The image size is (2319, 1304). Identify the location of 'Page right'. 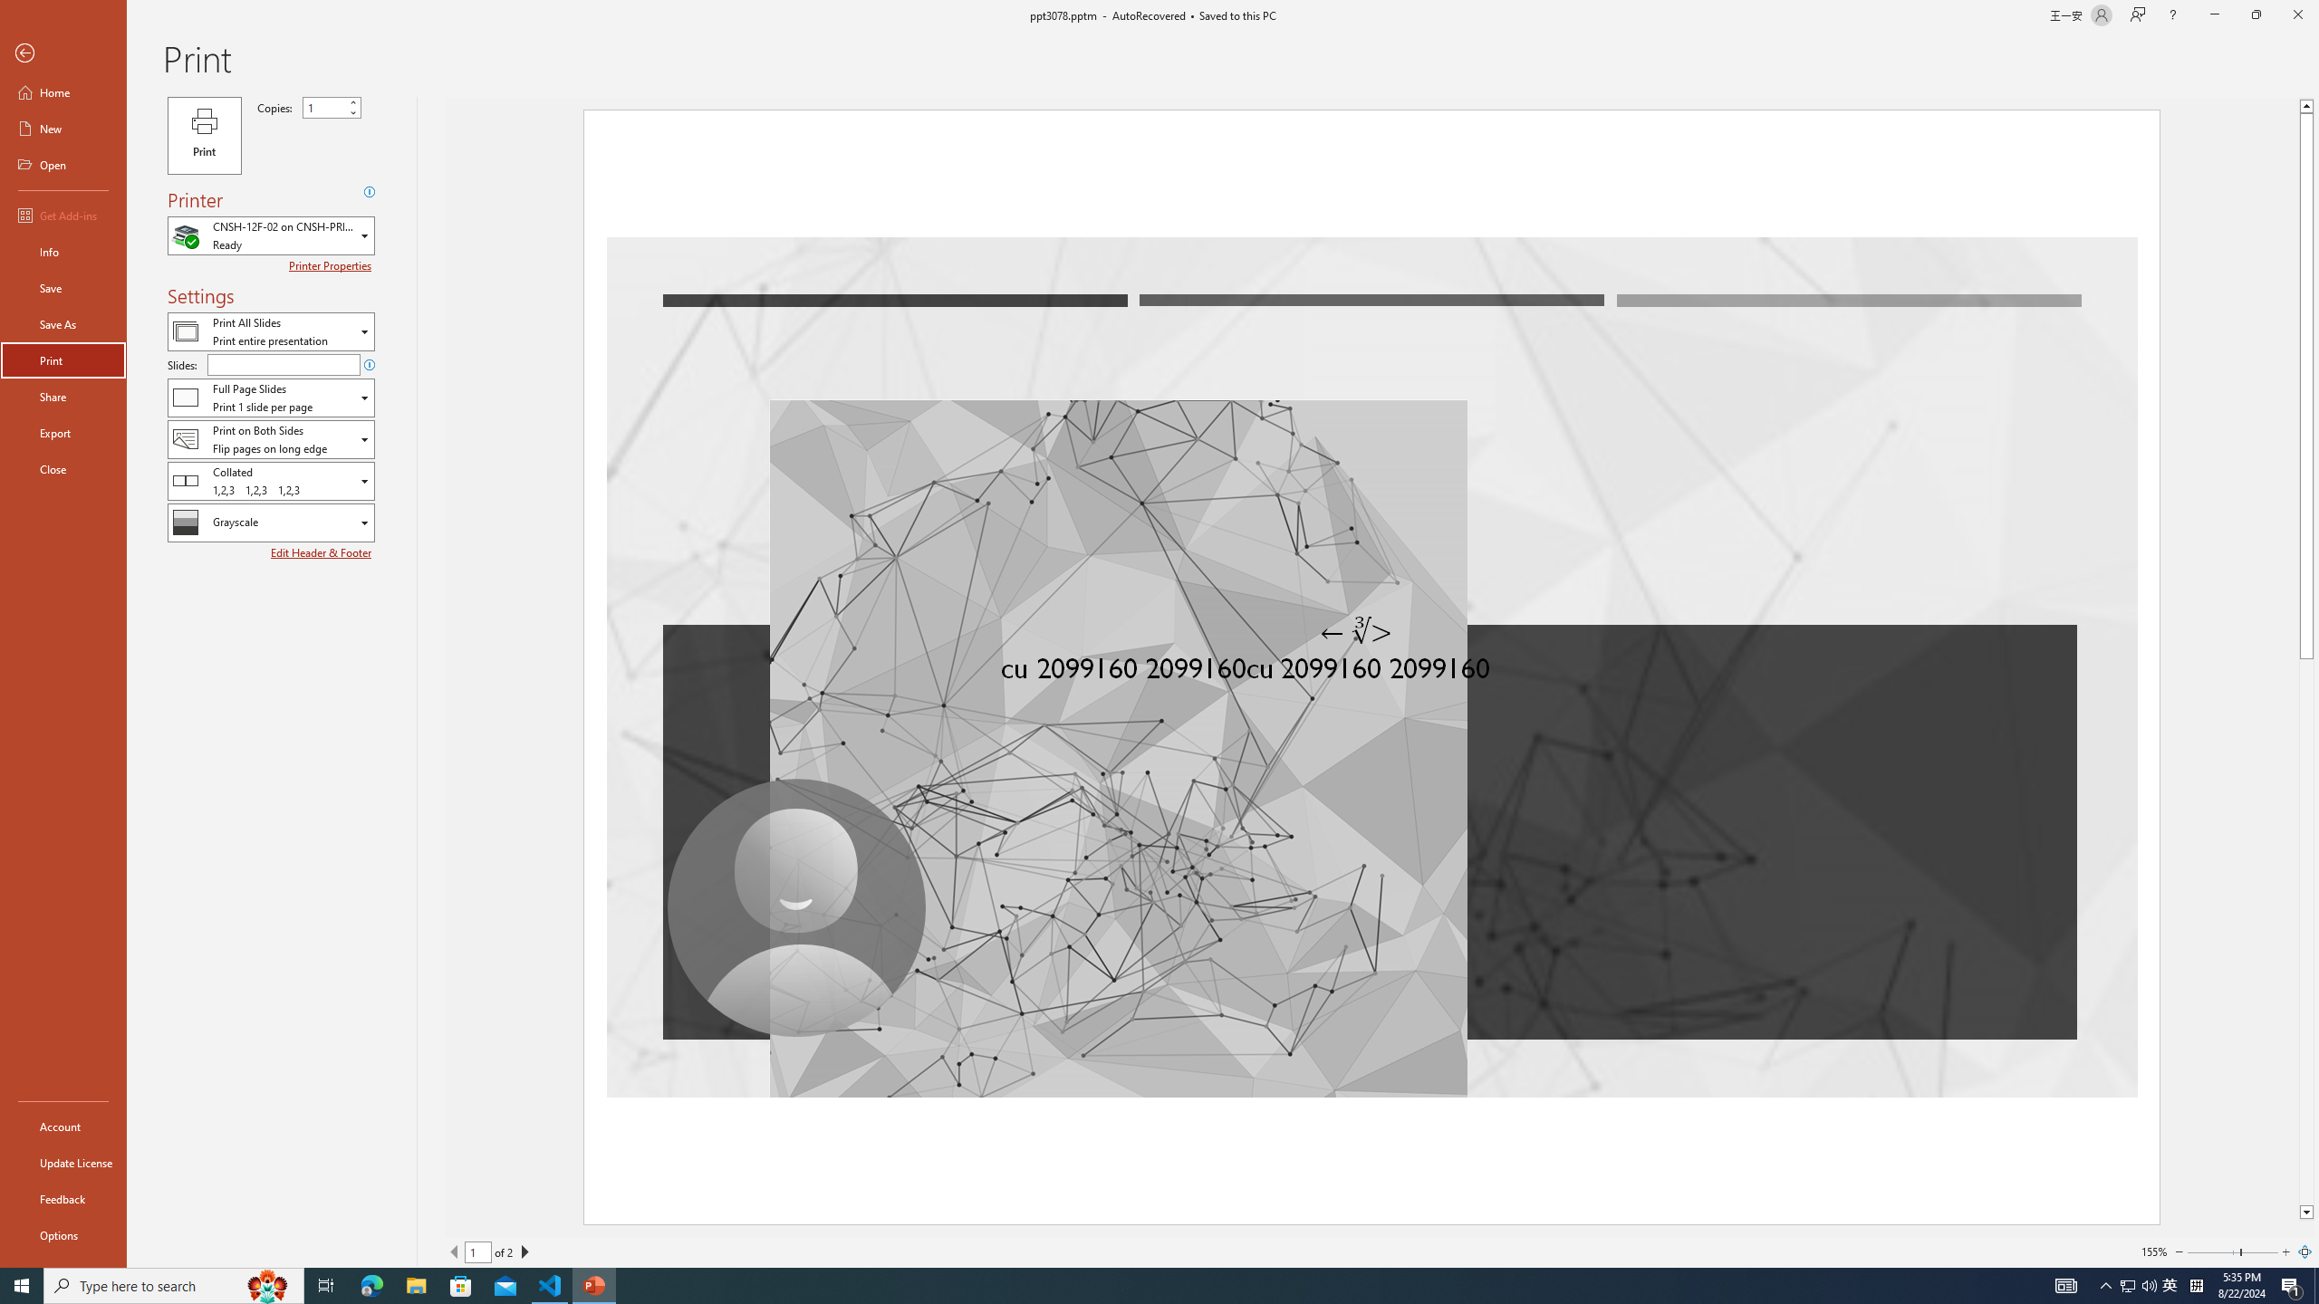
(2259, 1251).